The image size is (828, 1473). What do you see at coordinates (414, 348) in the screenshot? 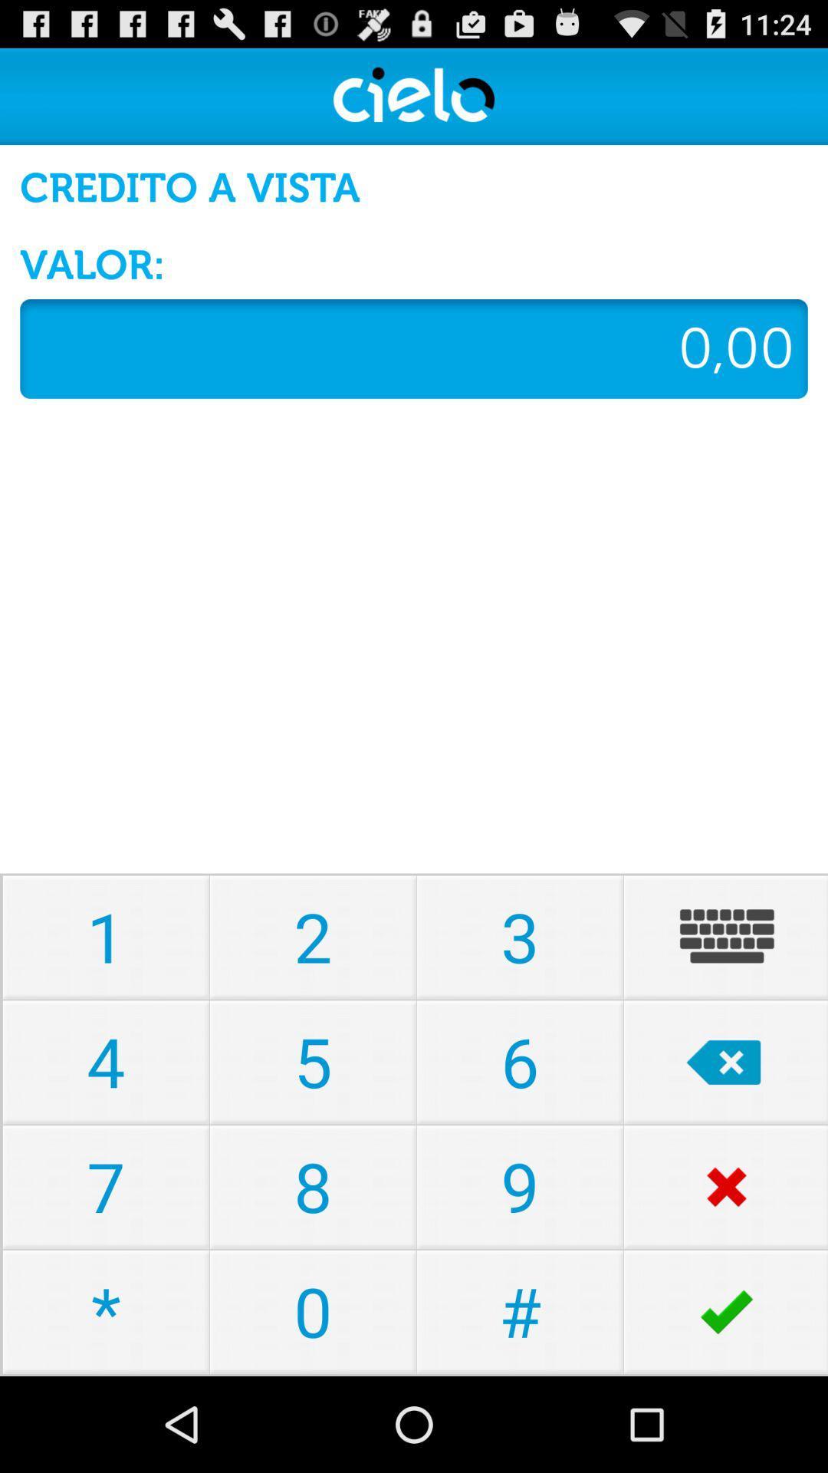
I see `amount` at bounding box center [414, 348].